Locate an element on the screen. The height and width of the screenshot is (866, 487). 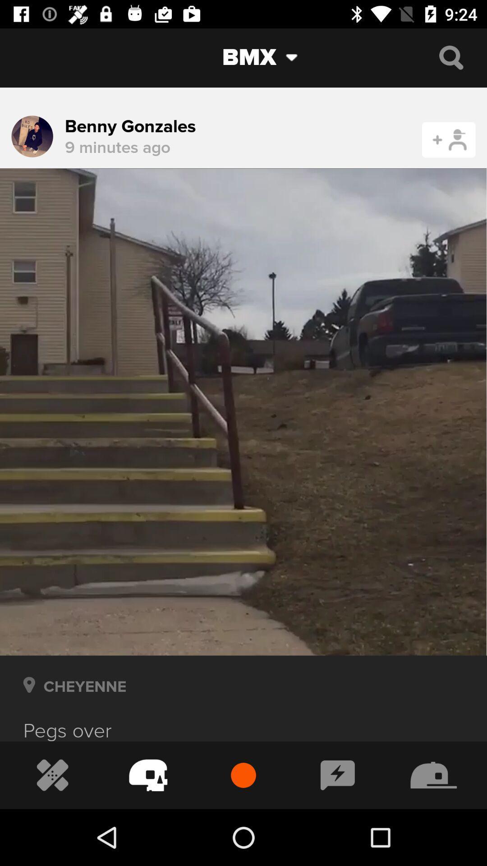
the search icon is located at coordinates (451, 57).